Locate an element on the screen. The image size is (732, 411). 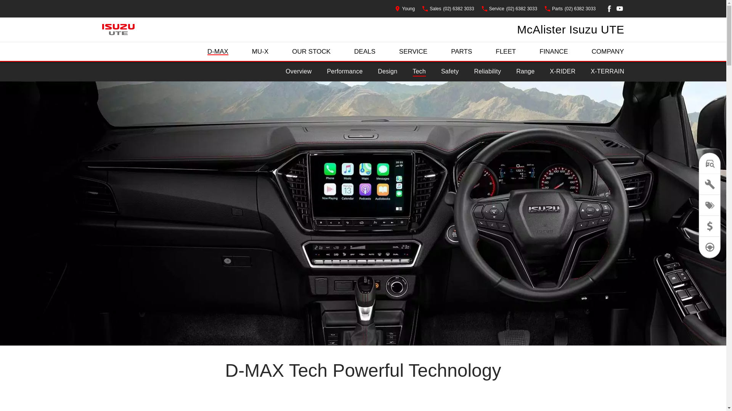
'Parts is located at coordinates (570, 8).